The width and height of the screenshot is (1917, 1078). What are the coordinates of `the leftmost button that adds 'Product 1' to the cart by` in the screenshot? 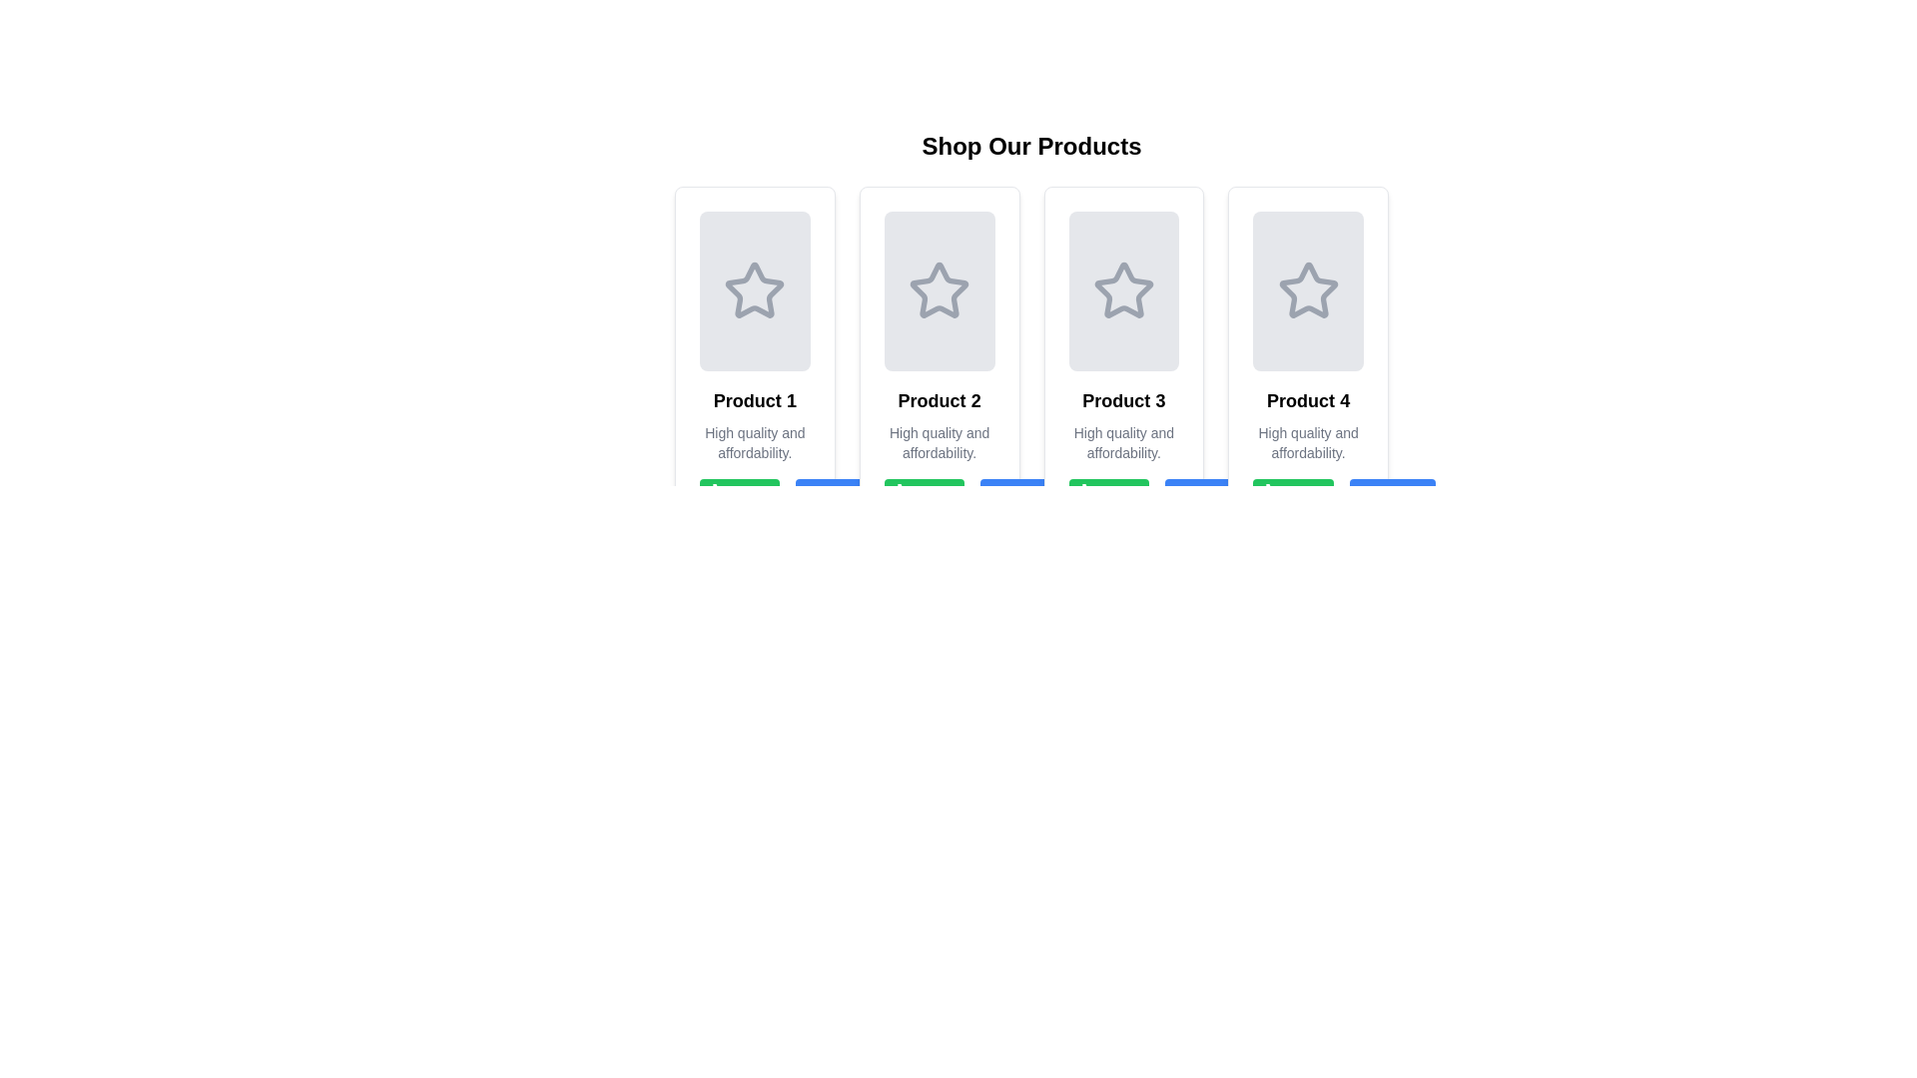 It's located at (739, 494).